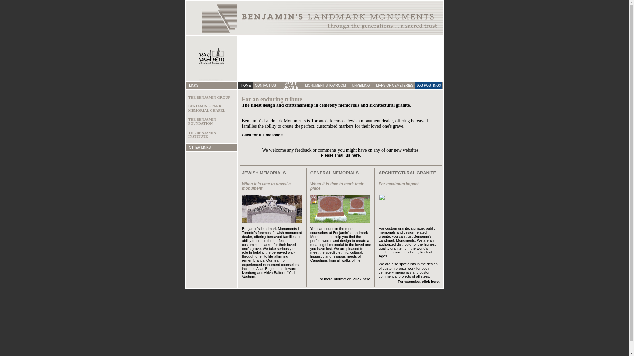 The width and height of the screenshot is (634, 356). Describe the element at coordinates (264, 172) in the screenshot. I see `'JEWISH MEMORIALS'` at that location.